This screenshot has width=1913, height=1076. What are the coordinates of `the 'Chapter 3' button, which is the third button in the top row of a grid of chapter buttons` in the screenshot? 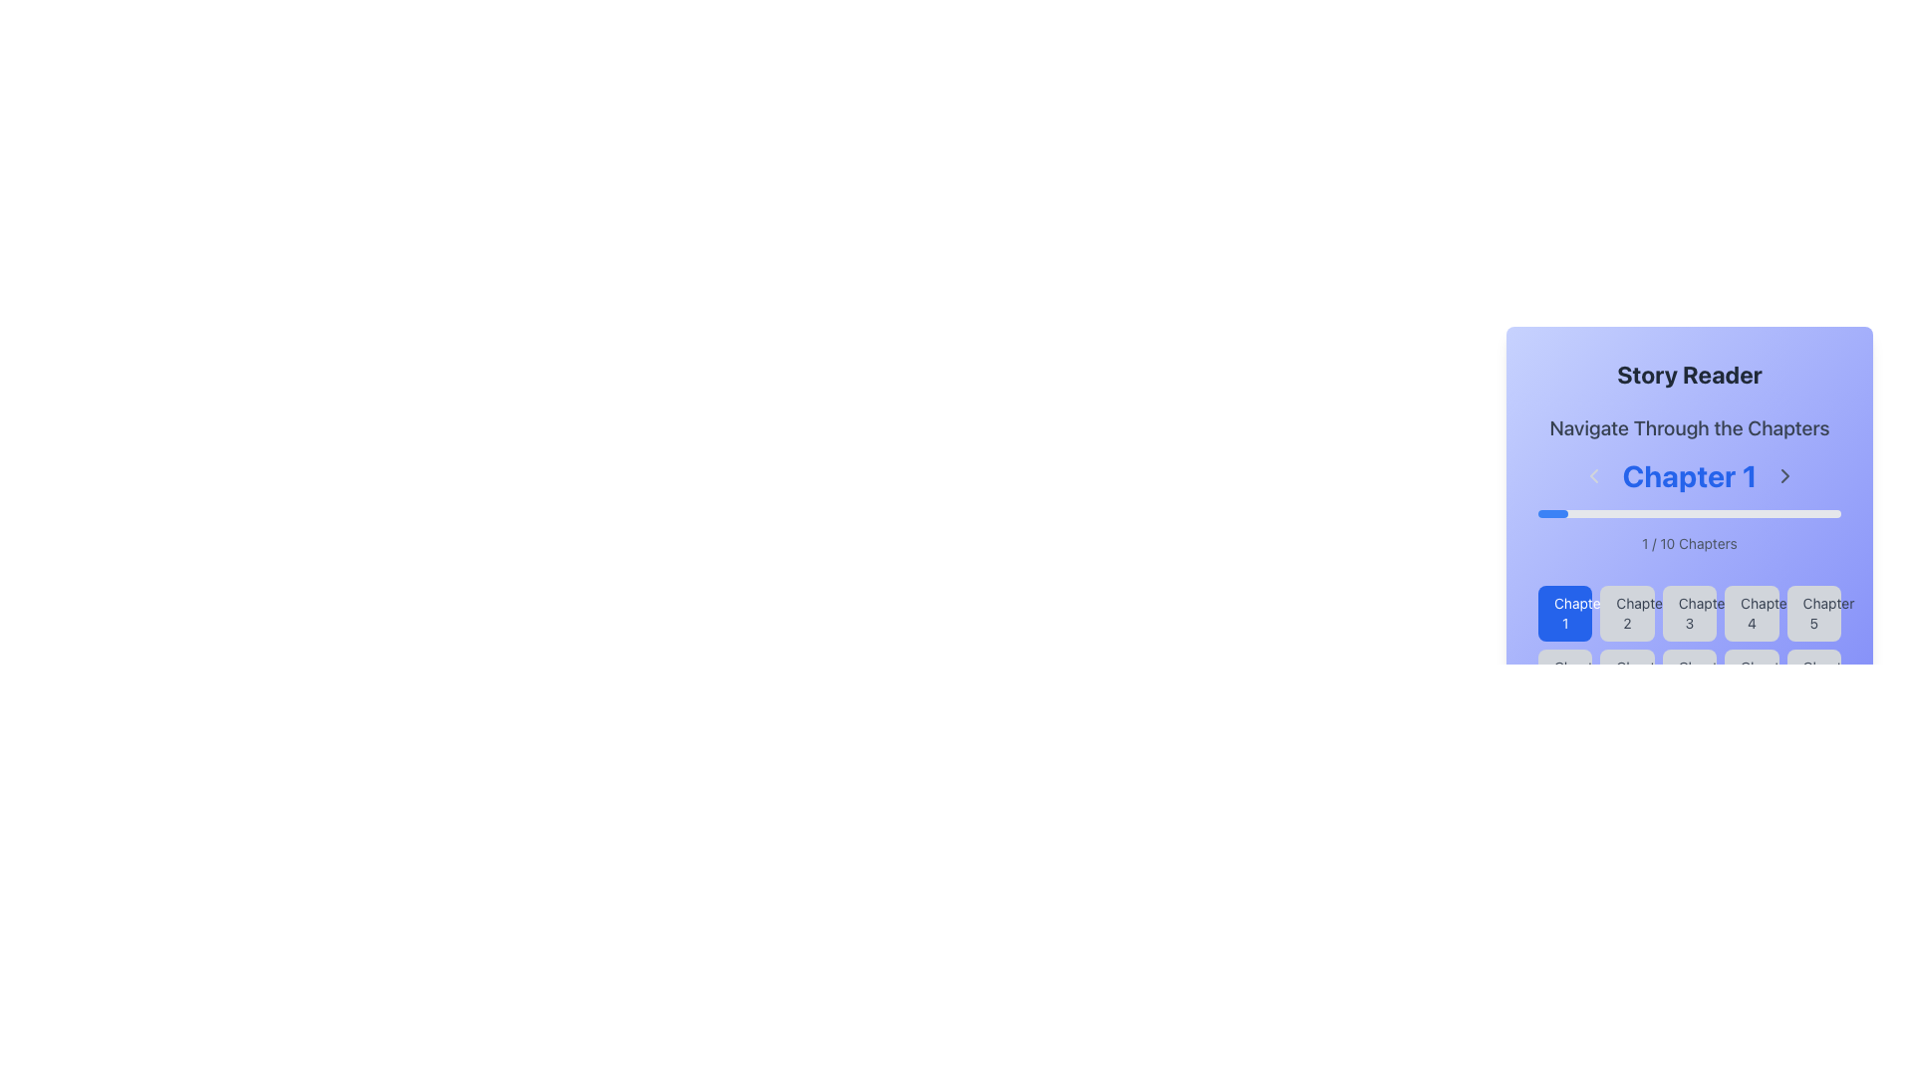 It's located at (1688, 646).